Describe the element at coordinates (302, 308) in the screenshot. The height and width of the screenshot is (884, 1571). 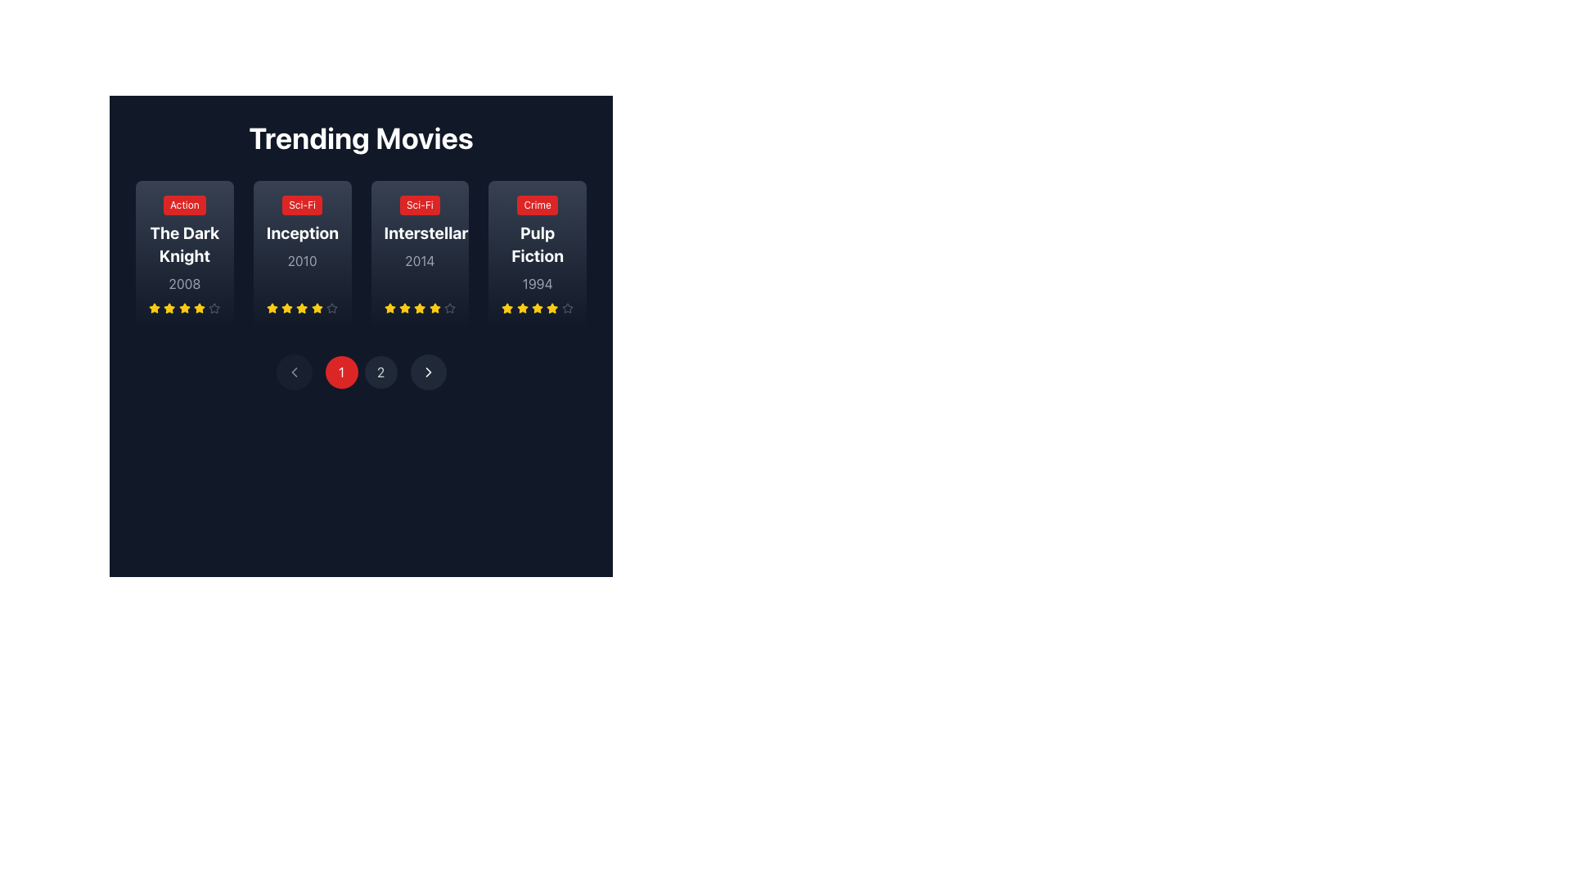
I see `the Rating indicator located under the 'Inception' movie card in the 'Trending Movies' section, which visually represents a 4/5 rating` at that location.